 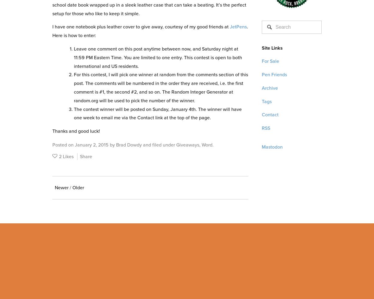 I want to click on 'Older', so click(x=78, y=187).